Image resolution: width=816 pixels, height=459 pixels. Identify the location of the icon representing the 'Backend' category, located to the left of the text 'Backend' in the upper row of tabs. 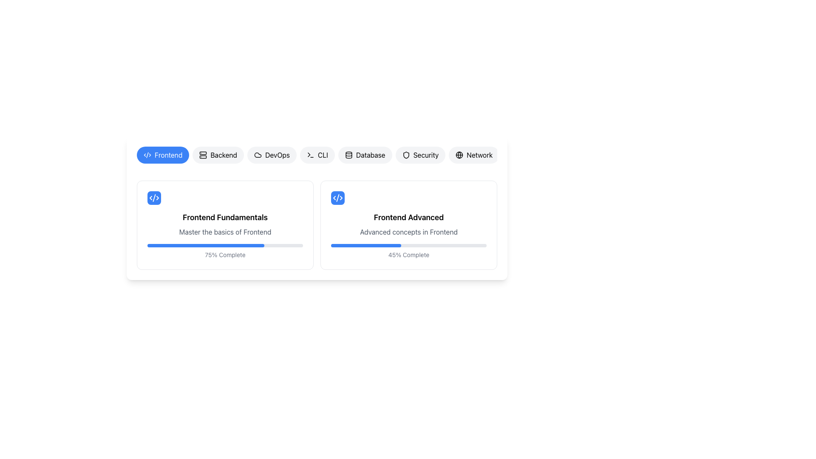
(203, 155).